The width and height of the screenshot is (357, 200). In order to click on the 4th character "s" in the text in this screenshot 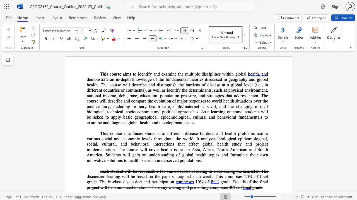, I will do `click(215, 79)`.